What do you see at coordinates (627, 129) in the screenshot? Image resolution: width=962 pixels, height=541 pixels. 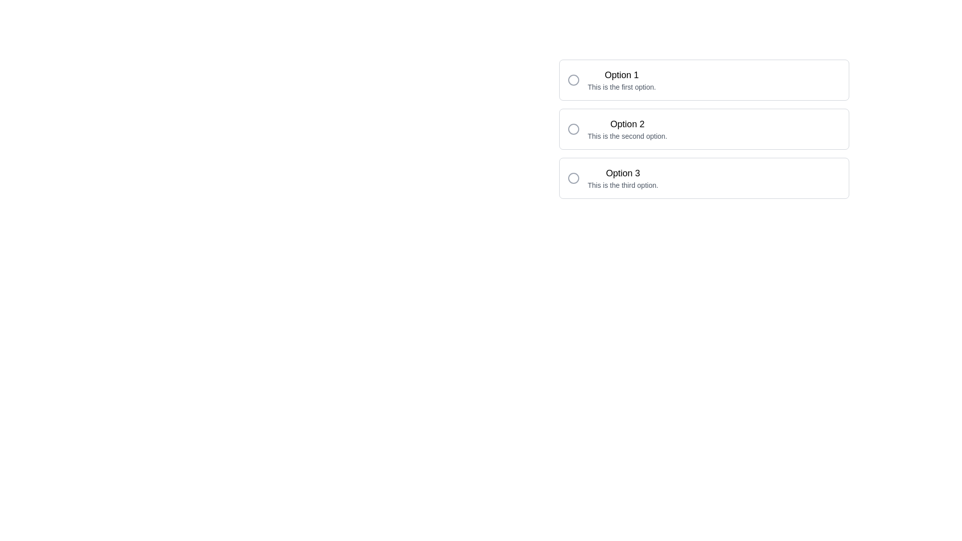 I see `the text label displaying 'Option 2', which is located centrally between 'Option 1' and 'Option 3' in a vertical list layout` at bounding box center [627, 129].